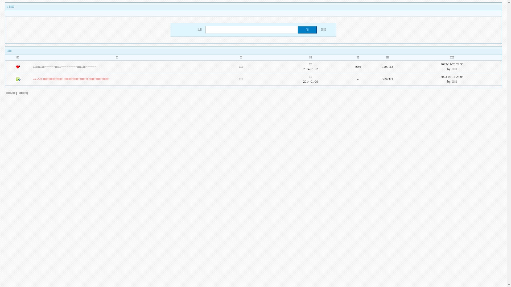 Image resolution: width=511 pixels, height=287 pixels. I want to click on '2023-02-16 23:04', so click(452, 77).